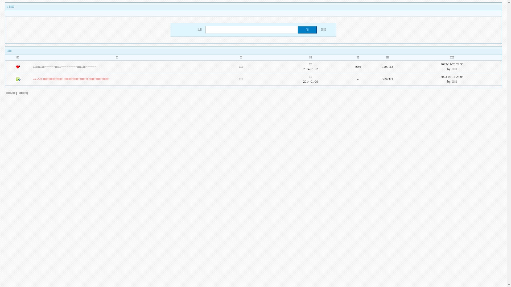 Image resolution: width=511 pixels, height=287 pixels. I want to click on '2023-02-16 23:04', so click(452, 77).